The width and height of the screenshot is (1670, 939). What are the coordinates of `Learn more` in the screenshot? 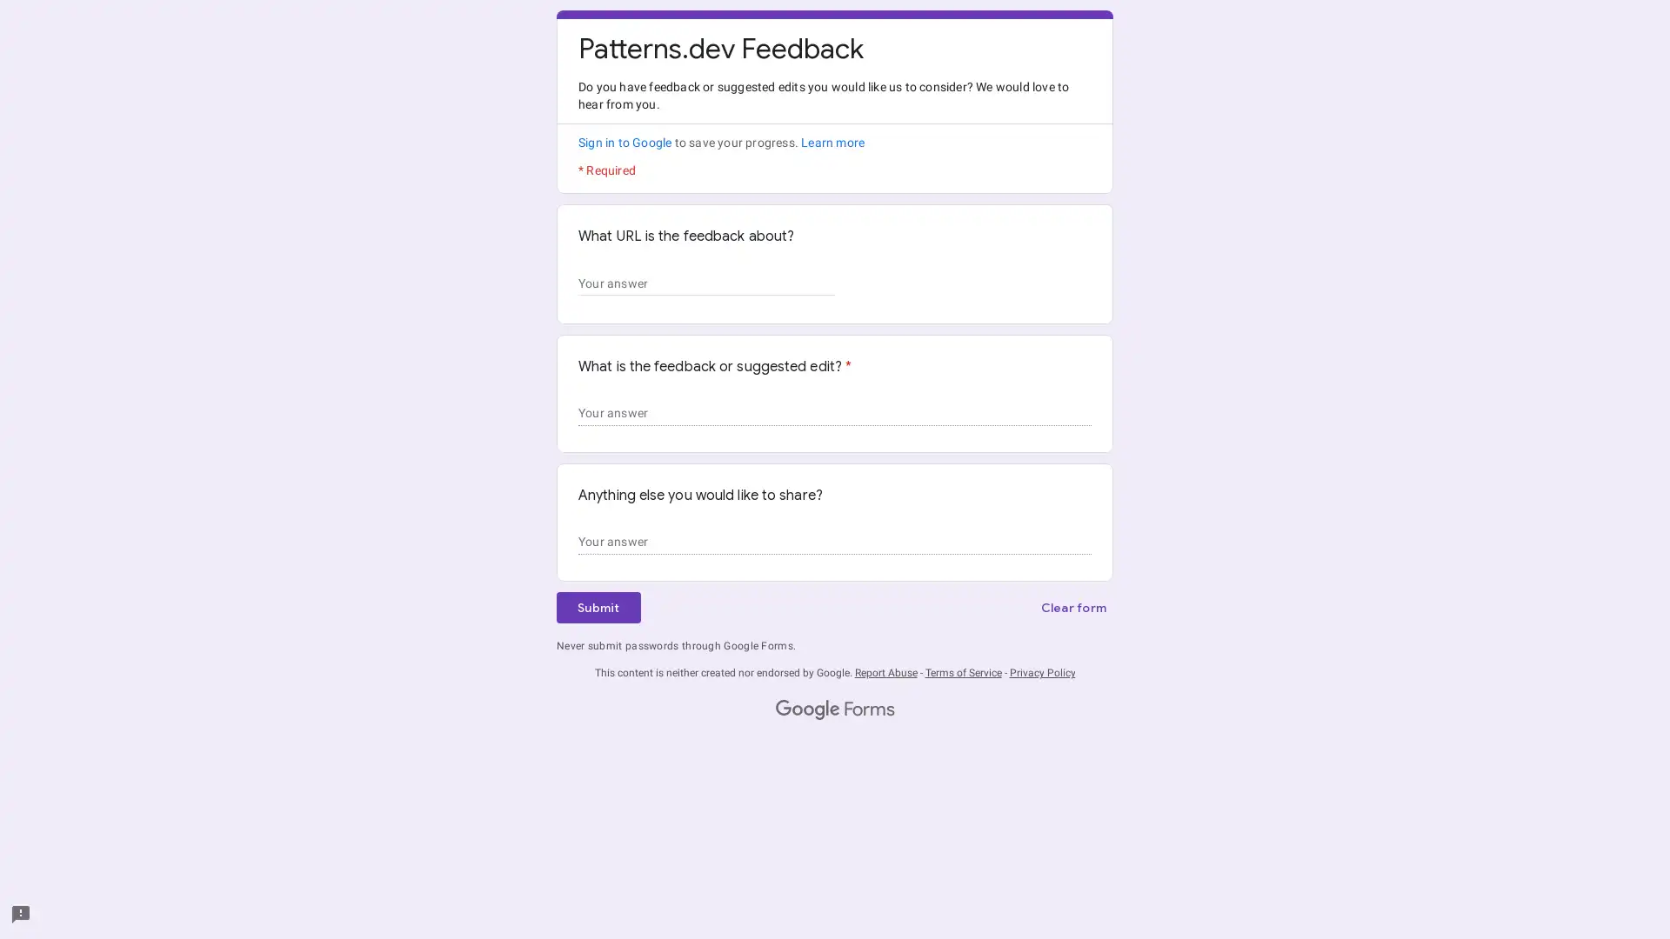 It's located at (832, 142).